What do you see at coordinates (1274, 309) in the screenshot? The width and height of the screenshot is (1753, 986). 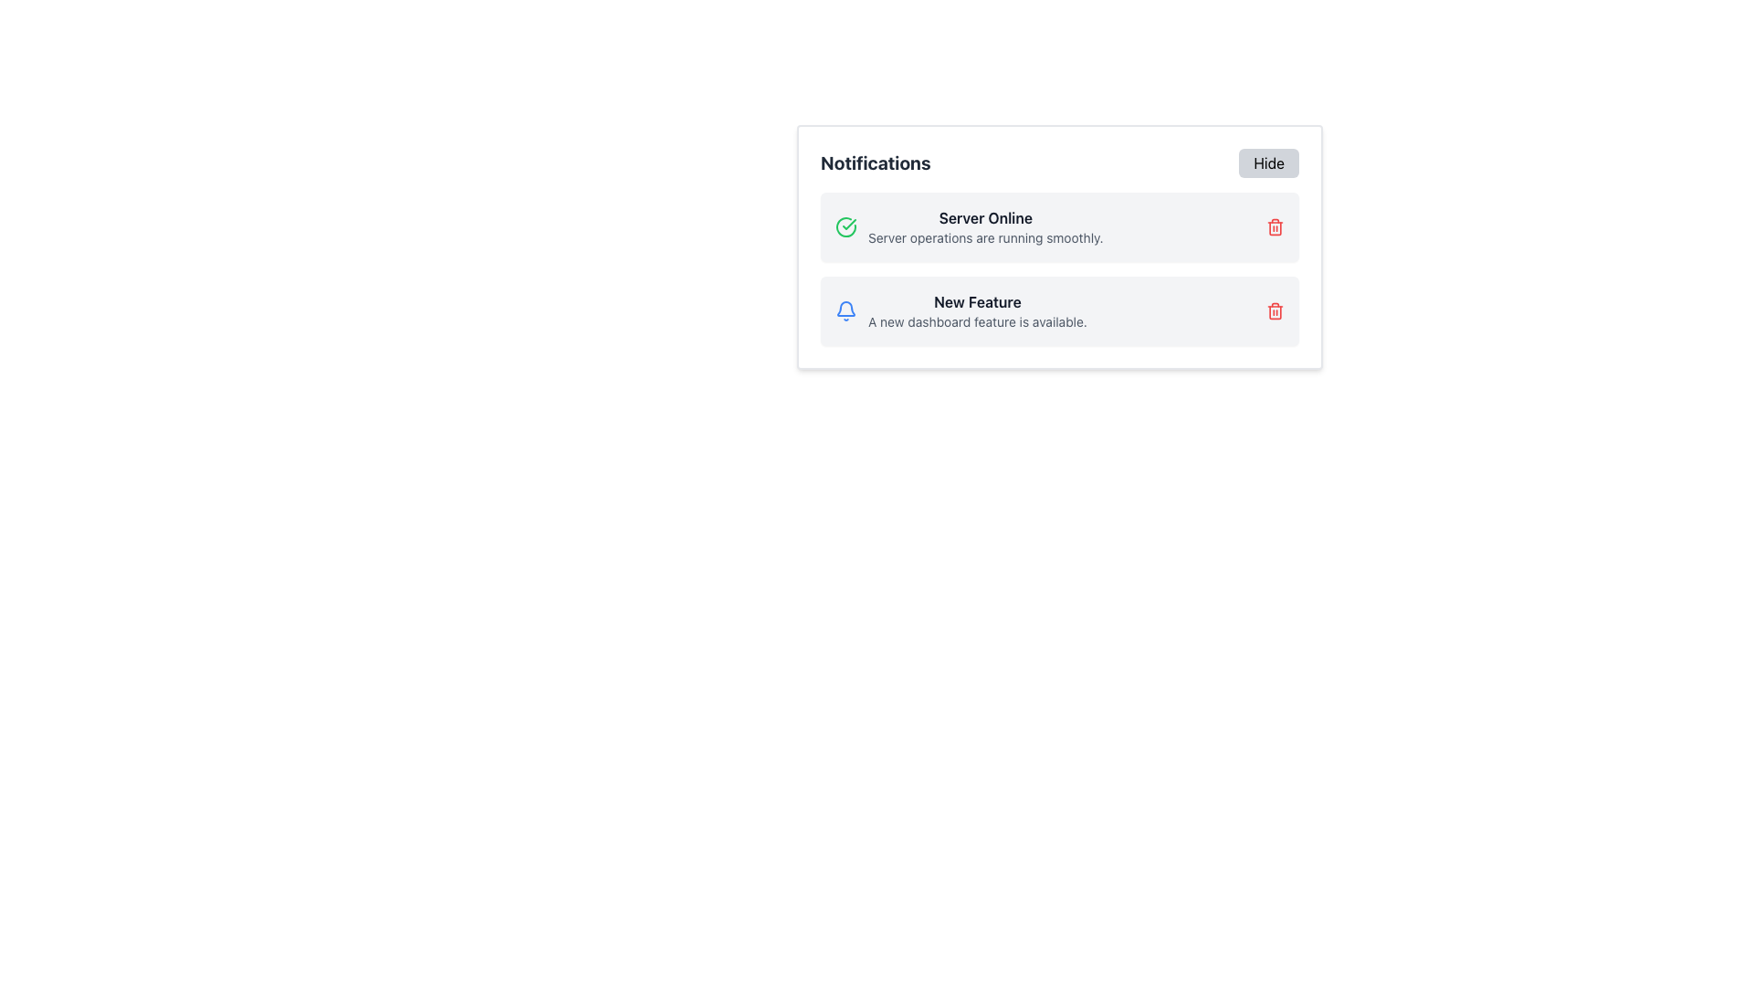 I see `the delete button for the notification labeled 'New Feature'` at bounding box center [1274, 309].